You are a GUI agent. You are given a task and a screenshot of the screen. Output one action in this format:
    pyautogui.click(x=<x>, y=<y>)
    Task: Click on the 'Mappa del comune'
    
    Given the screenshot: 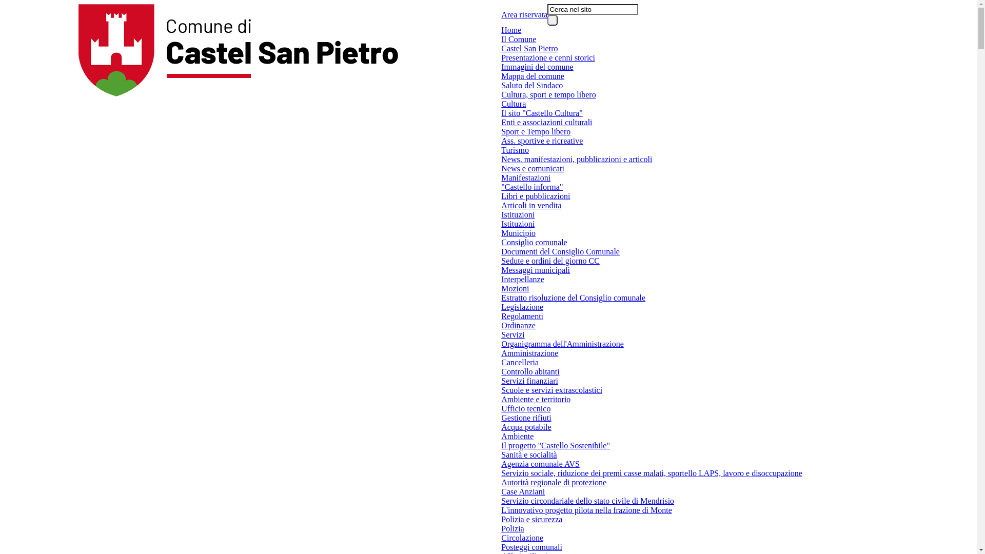 What is the action you would take?
    pyautogui.click(x=533, y=76)
    